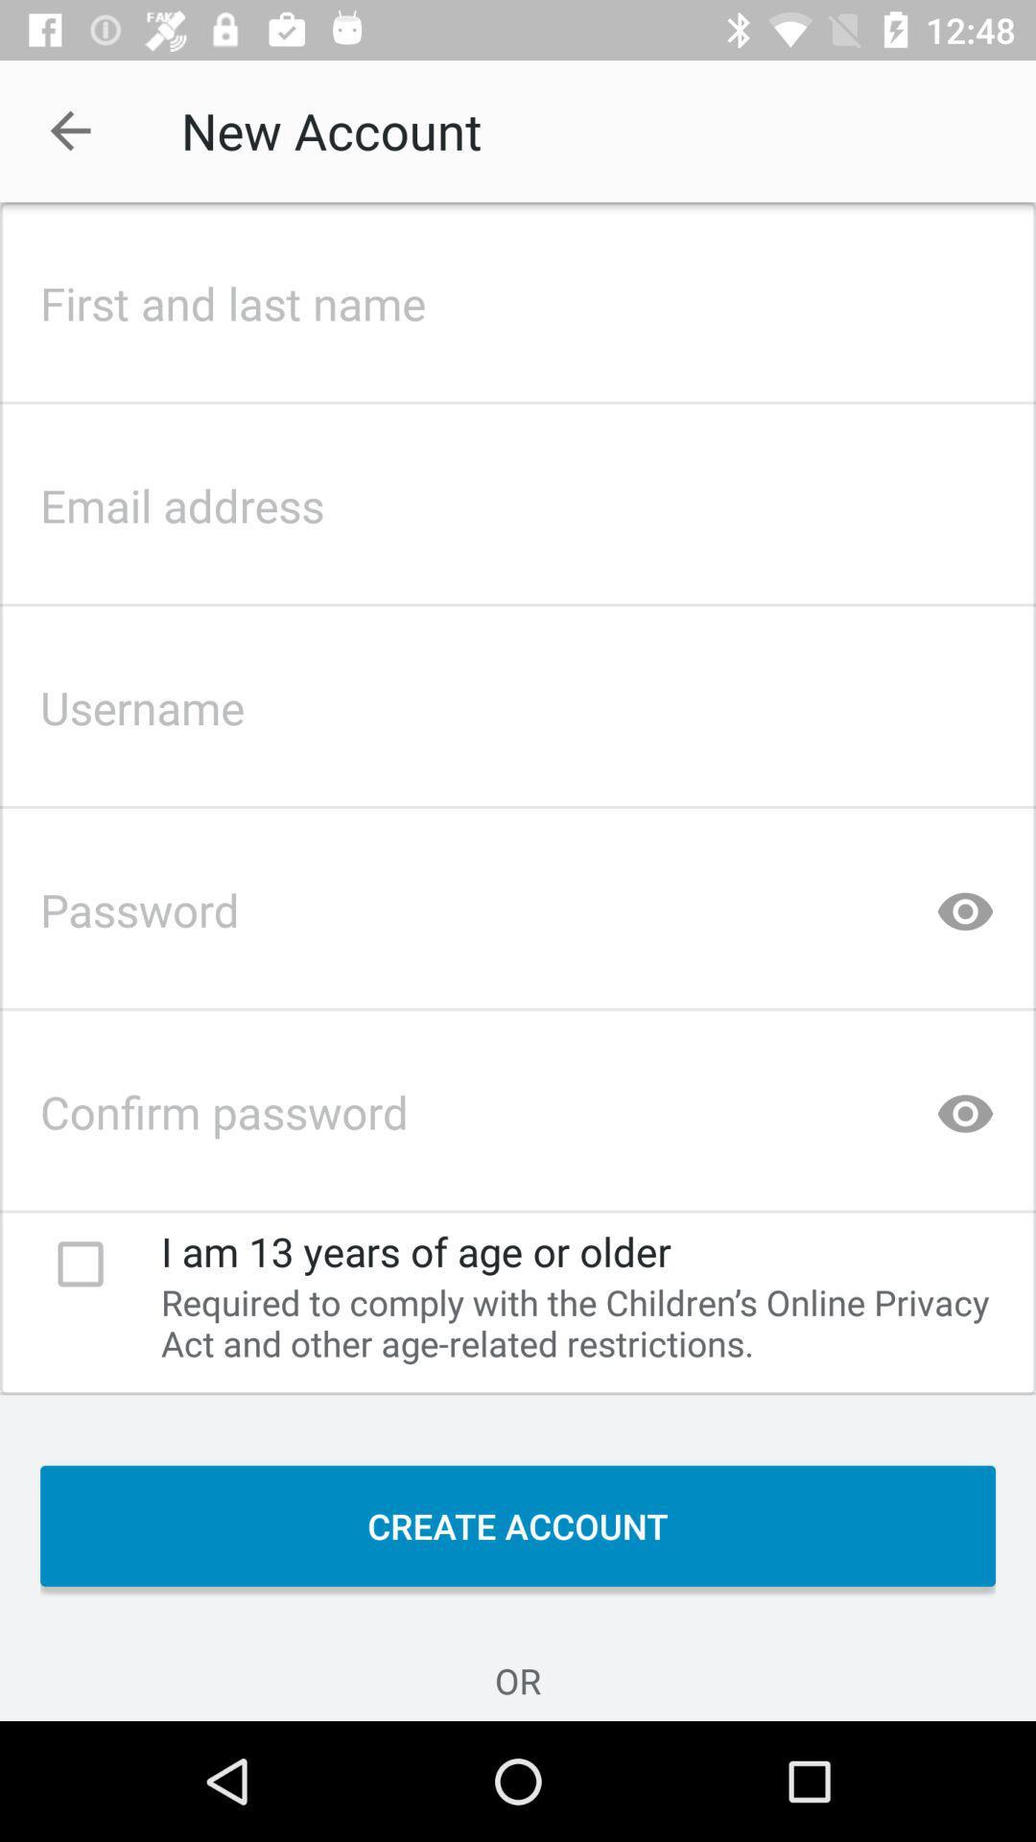  I want to click on confirm password input, so click(518, 1106).